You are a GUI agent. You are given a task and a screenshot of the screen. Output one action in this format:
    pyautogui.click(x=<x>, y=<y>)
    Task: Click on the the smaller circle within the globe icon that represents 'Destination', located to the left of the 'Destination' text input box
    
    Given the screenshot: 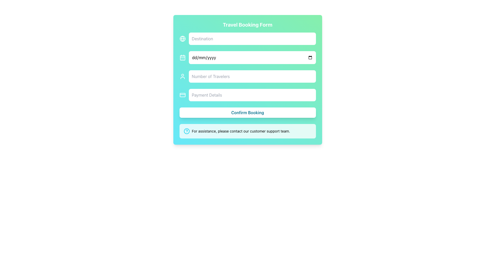 What is the action you would take?
    pyautogui.click(x=182, y=38)
    